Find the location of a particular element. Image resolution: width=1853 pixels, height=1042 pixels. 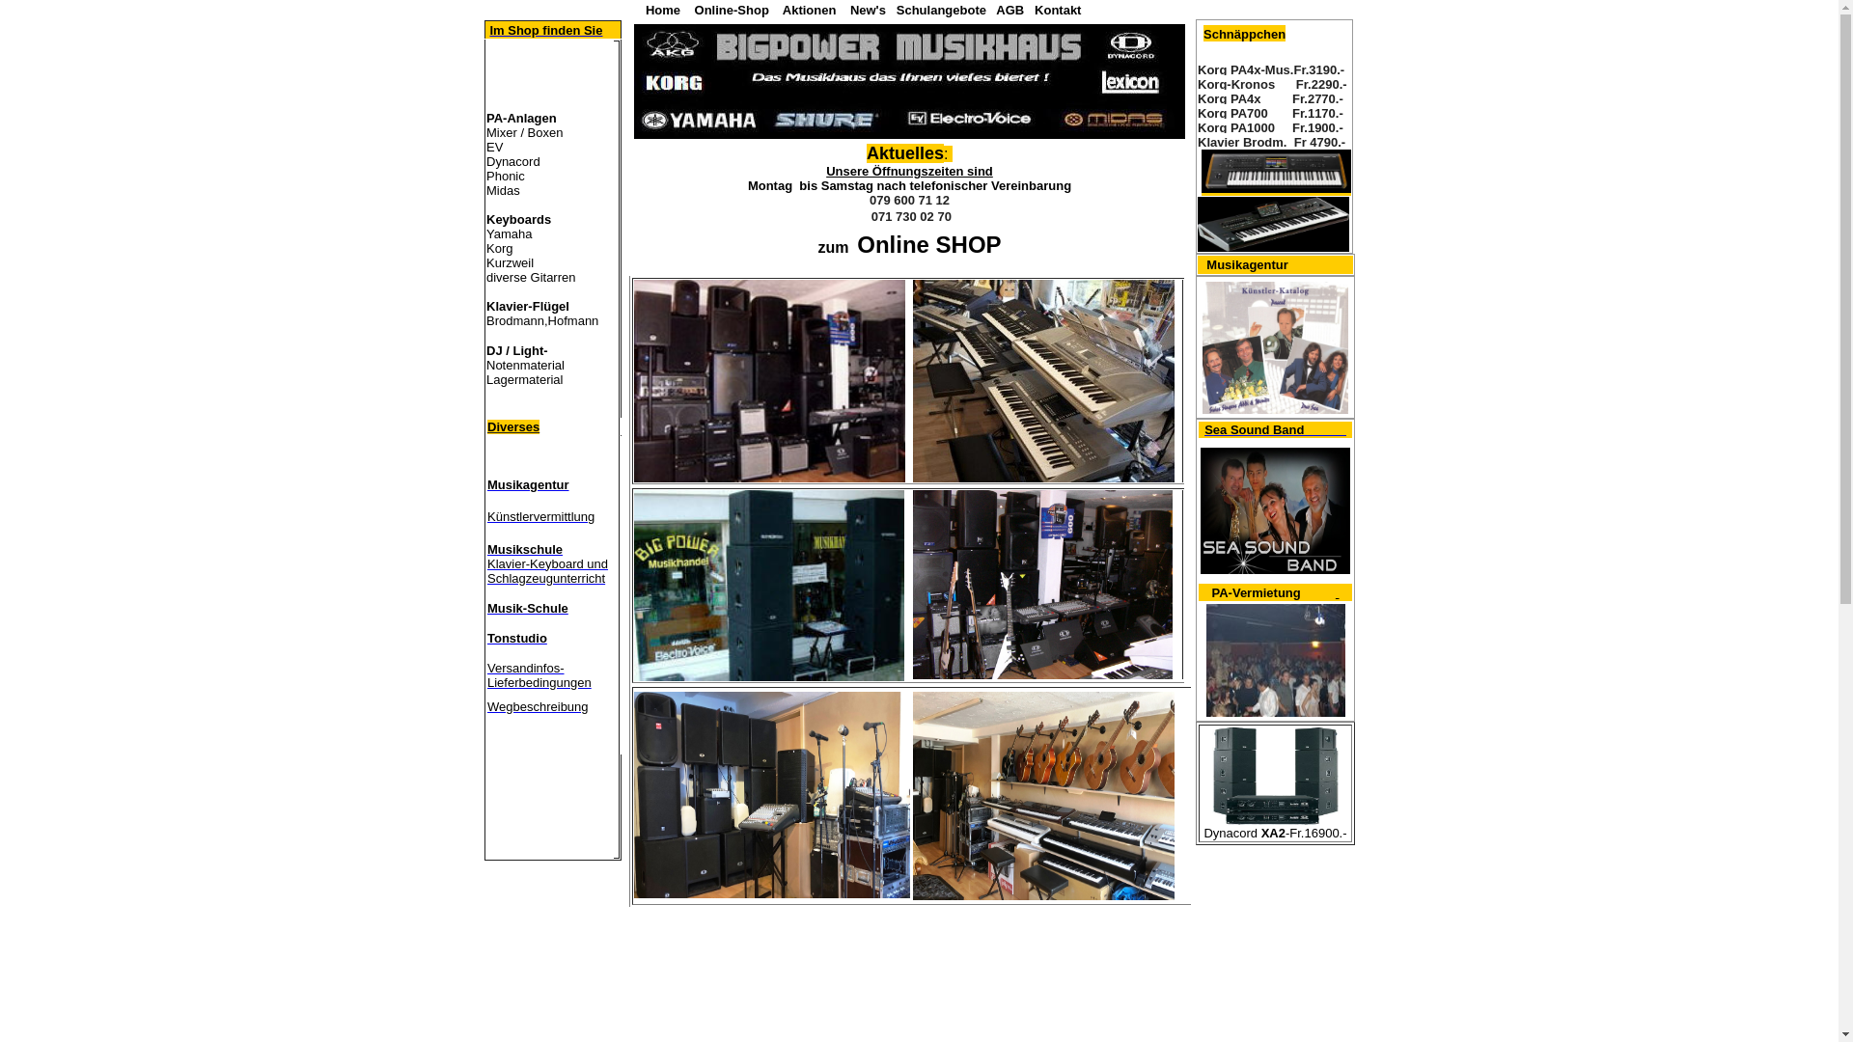

'Kontakt' is located at coordinates (1033, 10).